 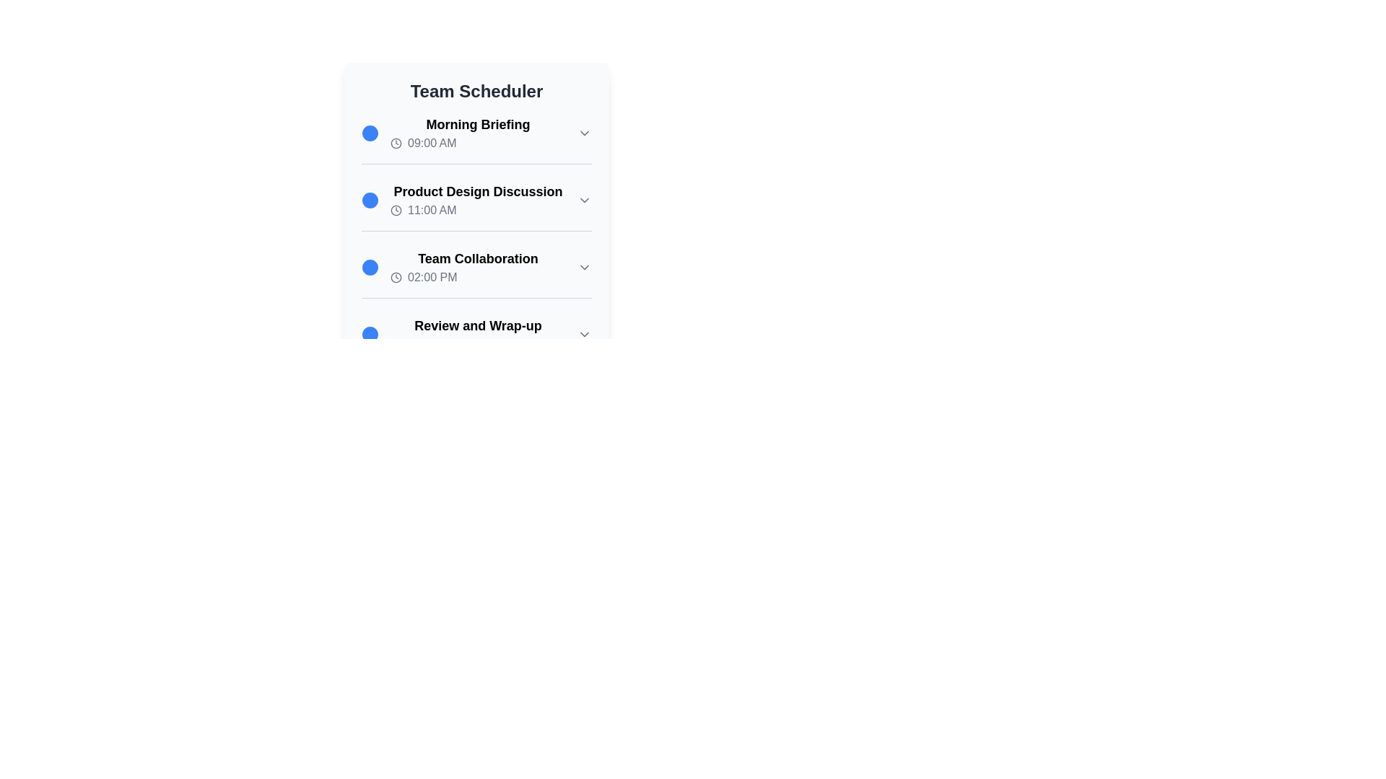 I want to click on text of the first informational list item under the 'Team Scheduler' header, which represents a scheduled meeting or event, so click(x=478, y=133).